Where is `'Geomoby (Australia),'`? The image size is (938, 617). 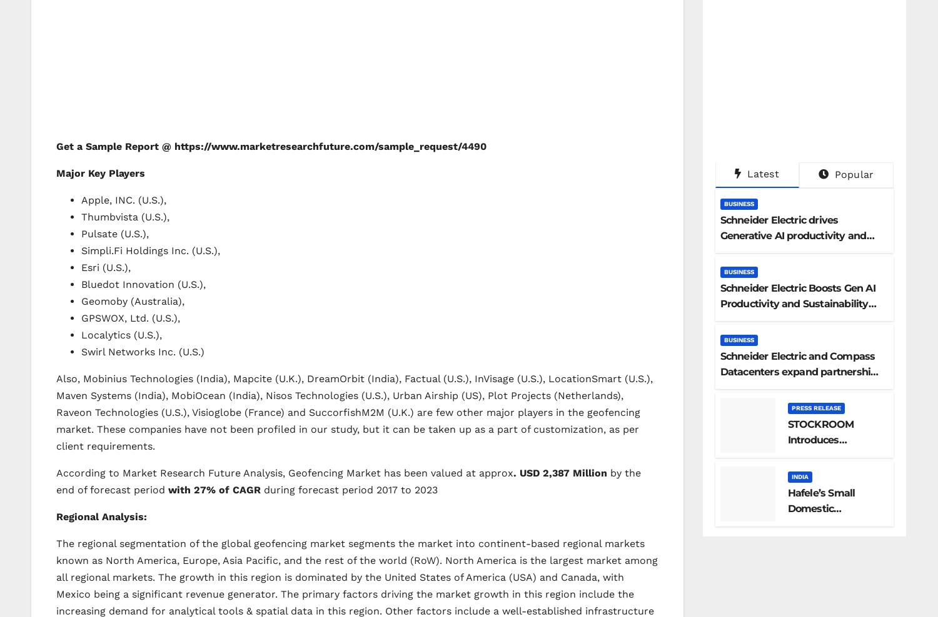 'Geomoby (Australia),' is located at coordinates (132, 300).